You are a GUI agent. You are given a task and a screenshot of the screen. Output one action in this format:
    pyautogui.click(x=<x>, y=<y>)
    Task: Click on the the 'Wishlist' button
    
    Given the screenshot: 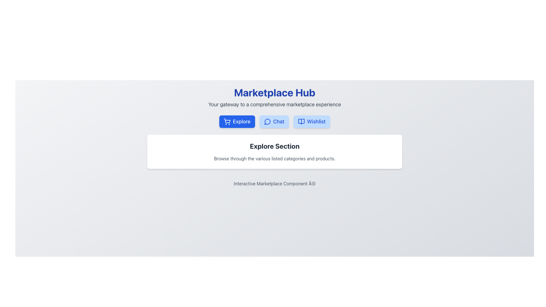 What is the action you would take?
    pyautogui.click(x=311, y=121)
    